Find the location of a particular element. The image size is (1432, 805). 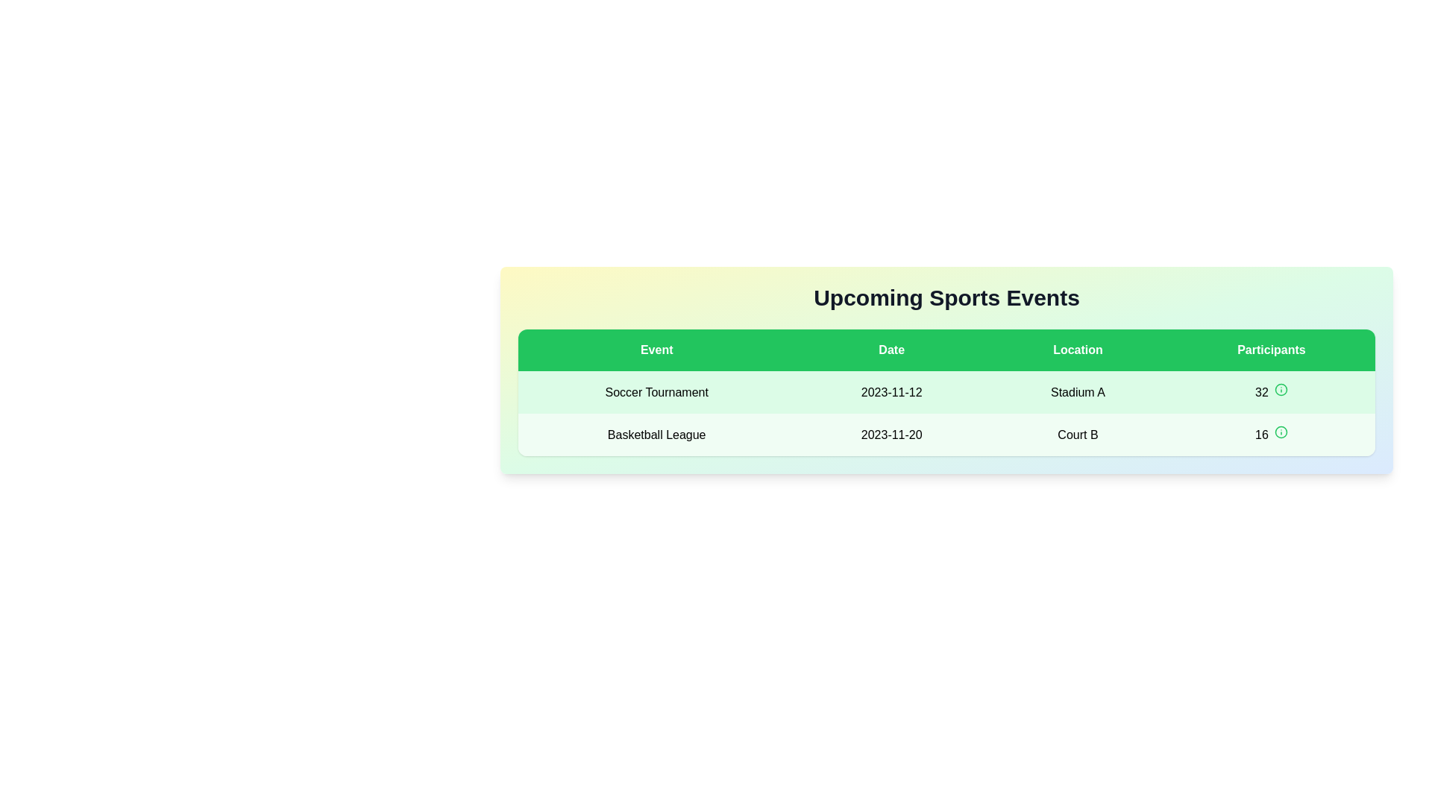

the categorical label for participants' data, which is the fourth label under 'Upcoming Sports Events', following 'Event', 'Date', and 'Location' is located at coordinates (1270, 350).